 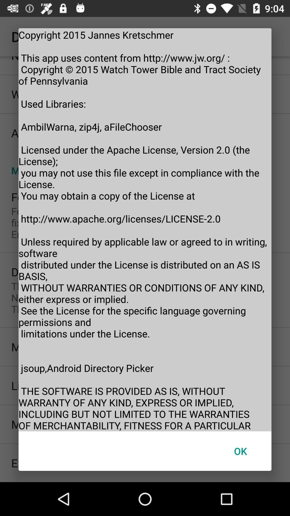 What do you see at coordinates (240, 451) in the screenshot?
I see `the item at the bottom right corner` at bounding box center [240, 451].